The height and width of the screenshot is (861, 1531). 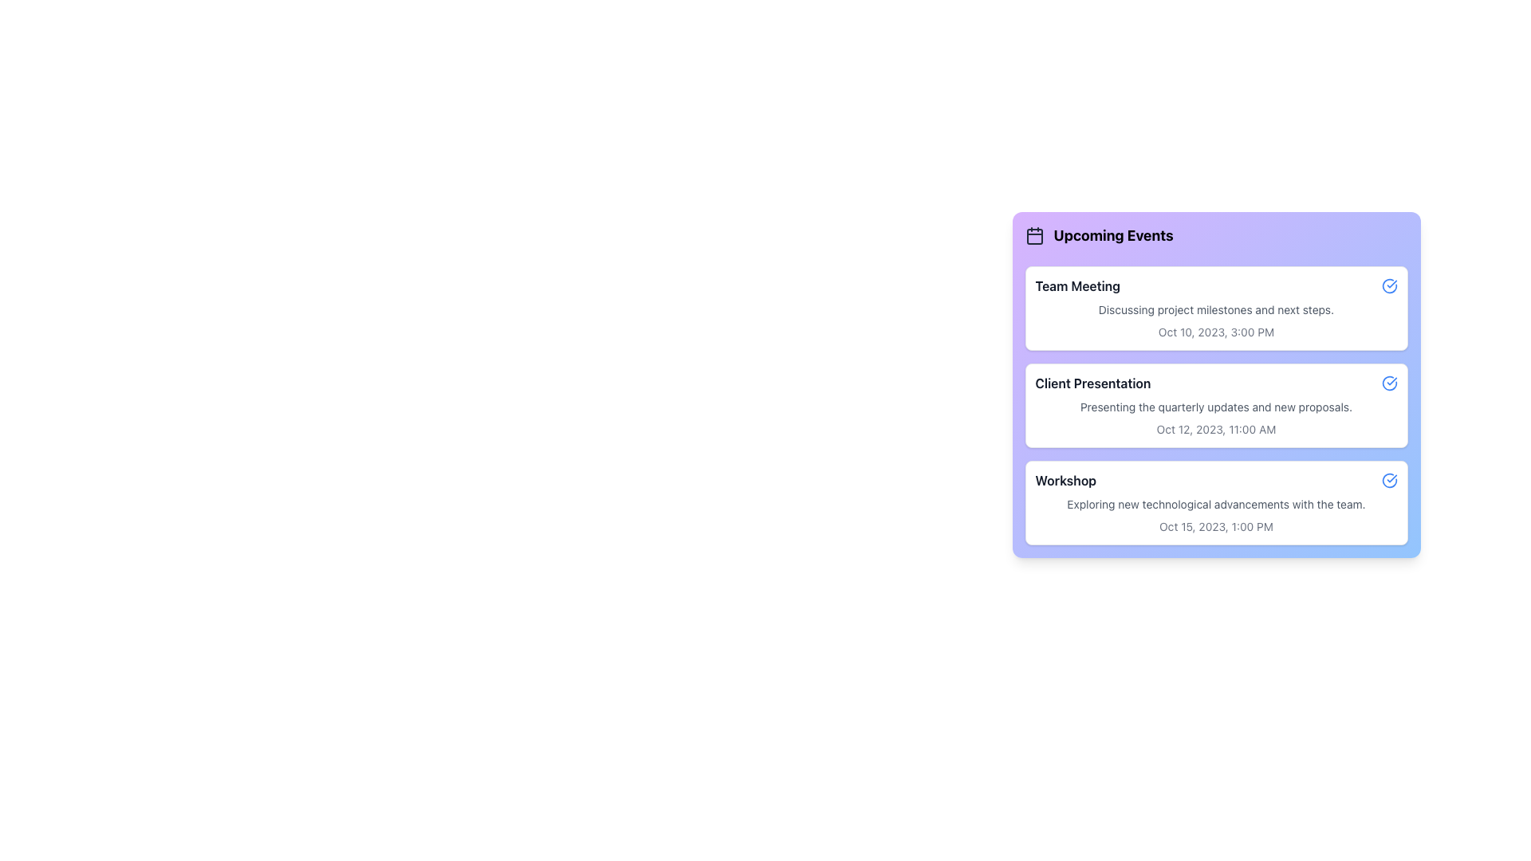 What do you see at coordinates (1191, 331) in the screenshot?
I see `the static text element displaying the date of the event in the 'Team Meeting' card, located in the middle-right area of the card component in the 'Upcoming Events' section` at bounding box center [1191, 331].